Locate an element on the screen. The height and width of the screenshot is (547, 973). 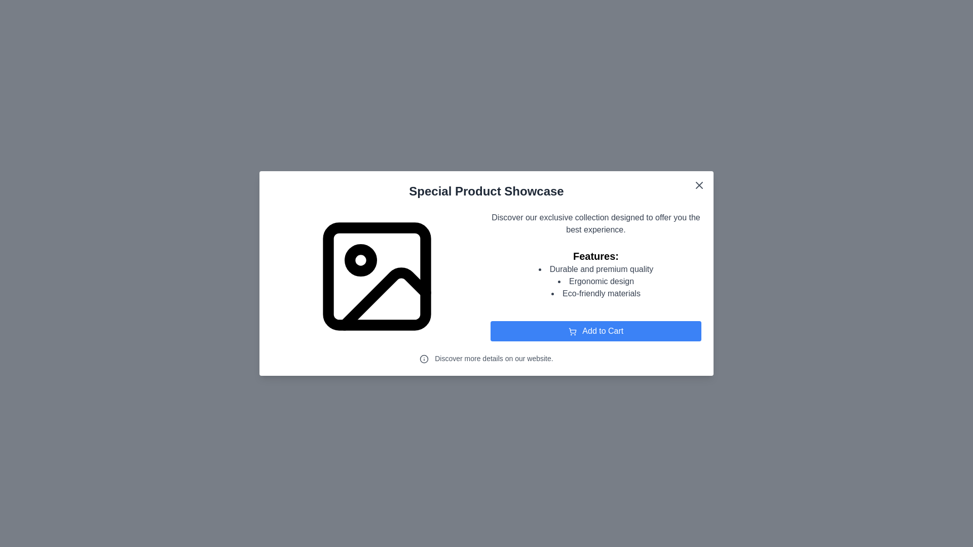
text contents of the Text block with a bulleted list titled 'Features:' located in the right half of the modal, centrally aligned vertically, below the description text and above the 'Add to Cart' button is located at coordinates (596, 273).